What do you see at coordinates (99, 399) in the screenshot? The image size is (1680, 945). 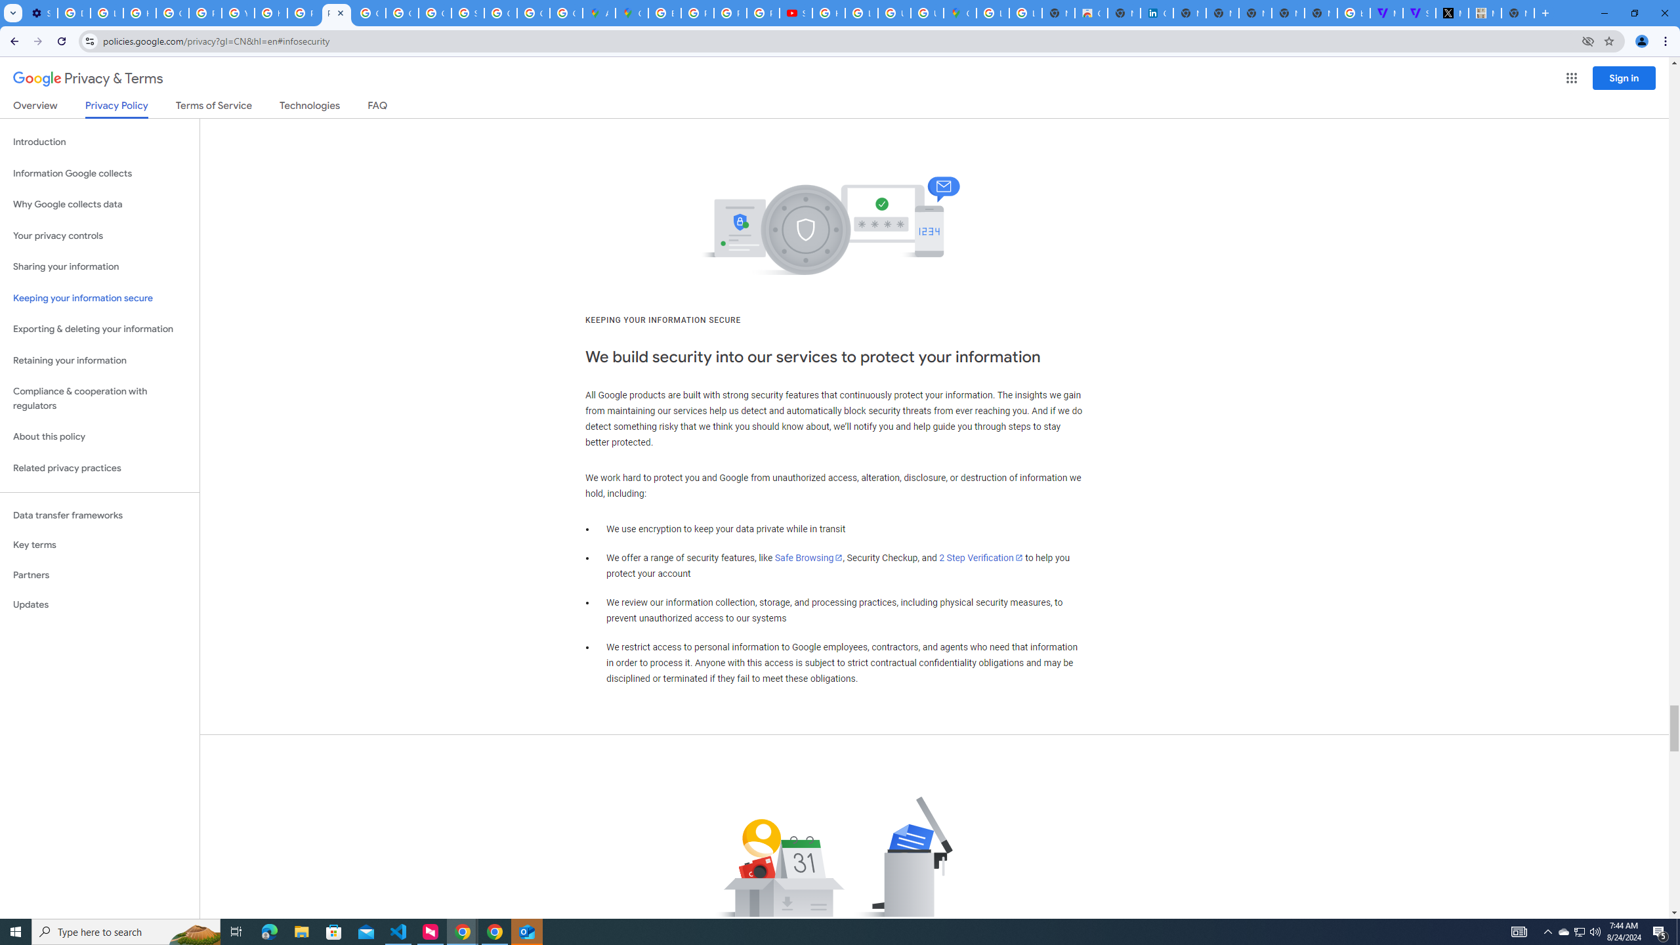 I see `'Compliance & cooperation with regulators'` at bounding box center [99, 399].